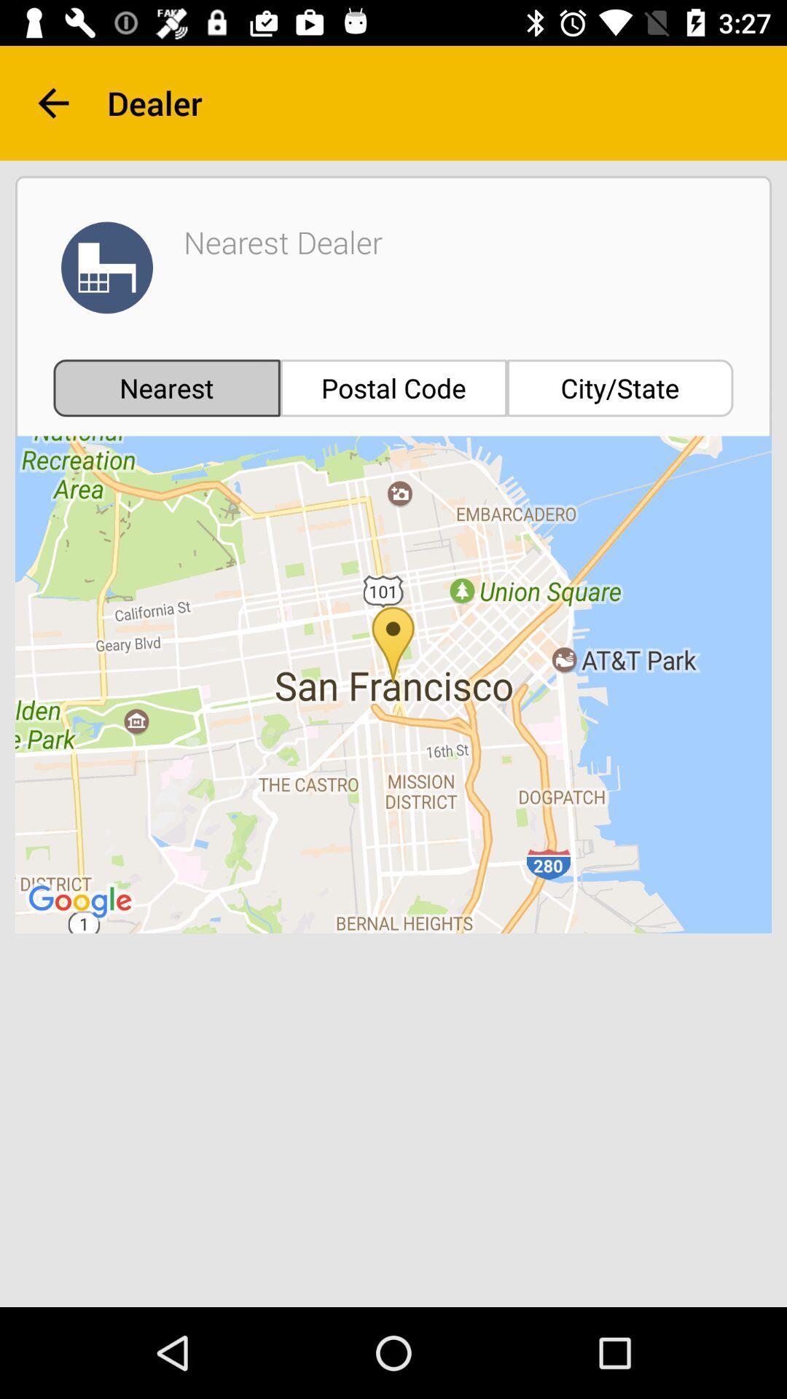  Describe the element at coordinates (620, 388) in the screenshot. I see `the city/state` at that location.